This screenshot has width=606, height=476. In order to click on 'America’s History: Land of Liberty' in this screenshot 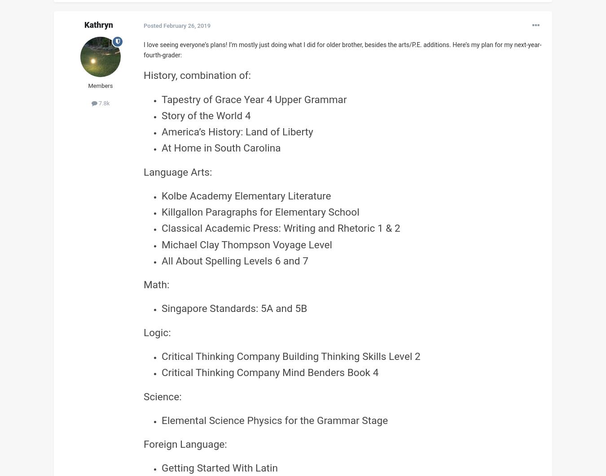, I will do `click(237, 131)`.